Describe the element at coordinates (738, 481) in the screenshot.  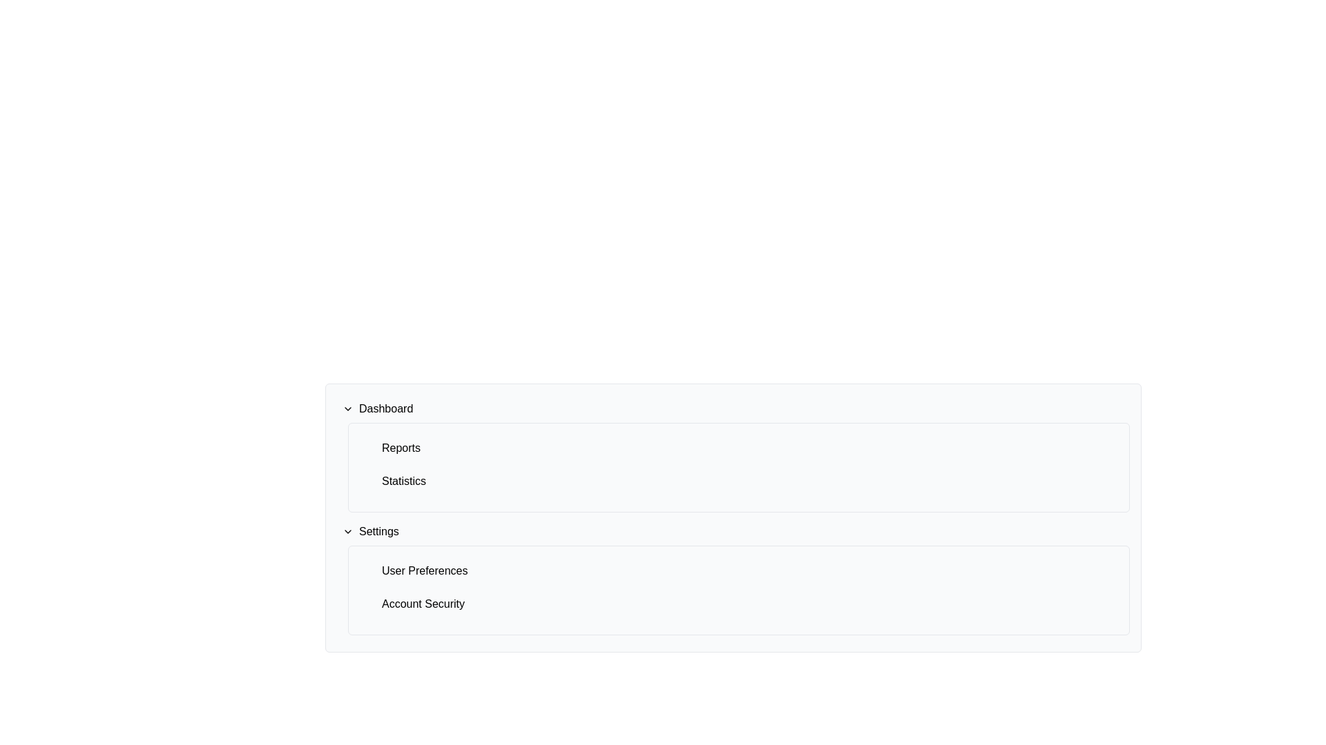
I see `the second clickable list item labeled 'Statistics' under the 'Dashboard' section` at that location.